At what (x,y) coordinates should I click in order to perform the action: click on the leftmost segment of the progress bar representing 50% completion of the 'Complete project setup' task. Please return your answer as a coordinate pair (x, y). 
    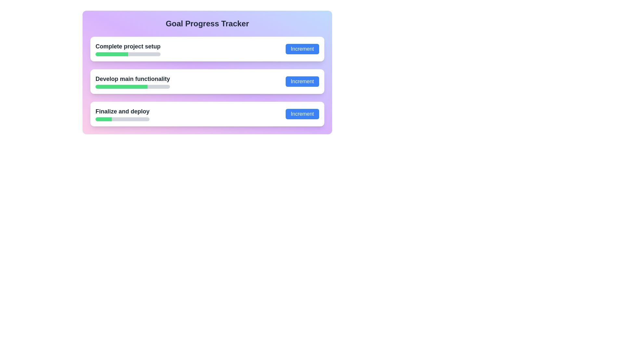
    Looking at the image, I should click on (112, 54).